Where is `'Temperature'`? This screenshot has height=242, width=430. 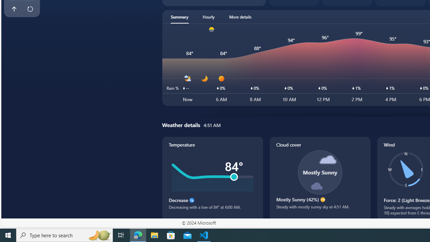 'Temperature' is located at coordinates (212, 178).